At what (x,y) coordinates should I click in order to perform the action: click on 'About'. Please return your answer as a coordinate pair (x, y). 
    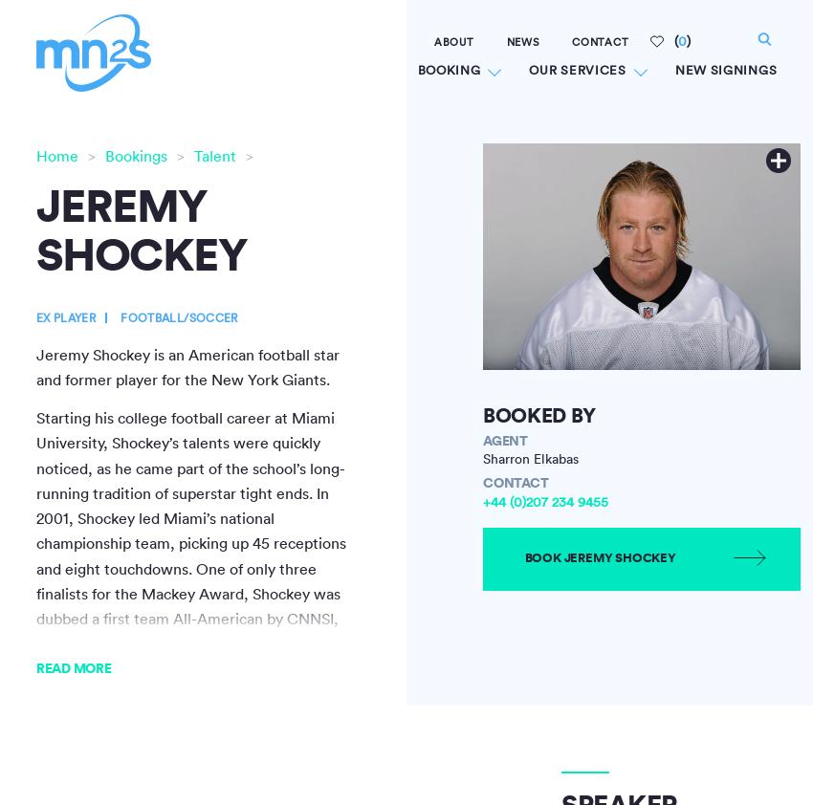
    Looking at the image, I should click on (432, 41).